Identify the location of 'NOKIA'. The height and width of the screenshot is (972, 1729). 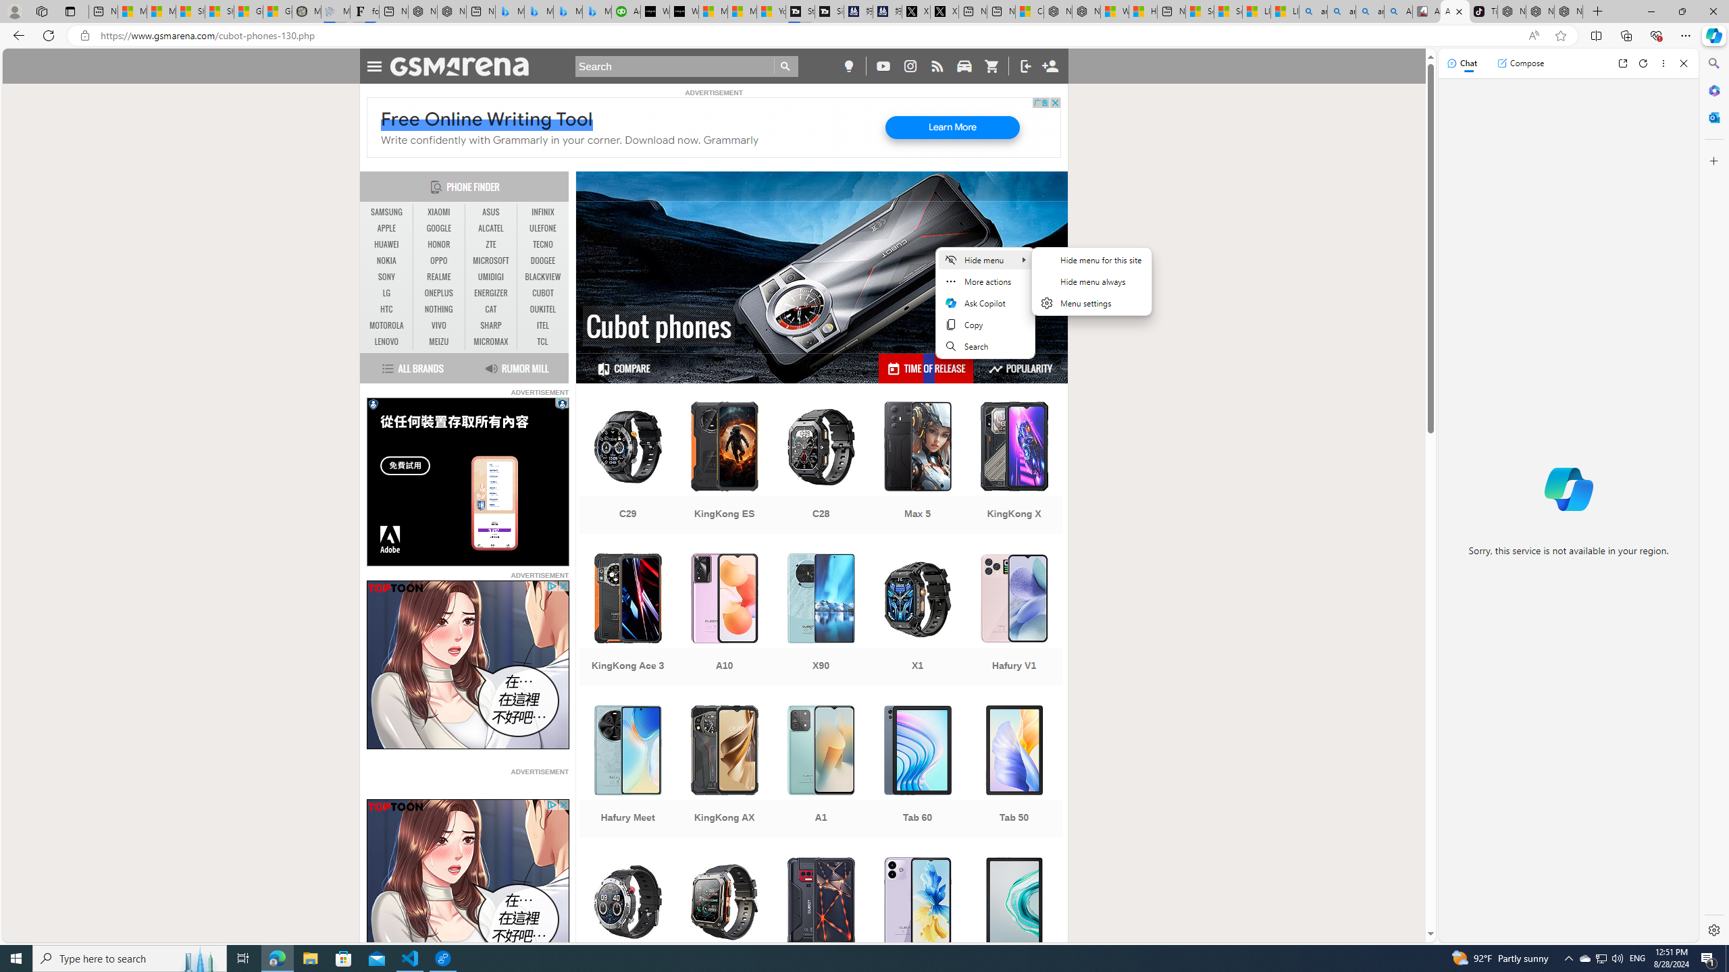
(386, 261).